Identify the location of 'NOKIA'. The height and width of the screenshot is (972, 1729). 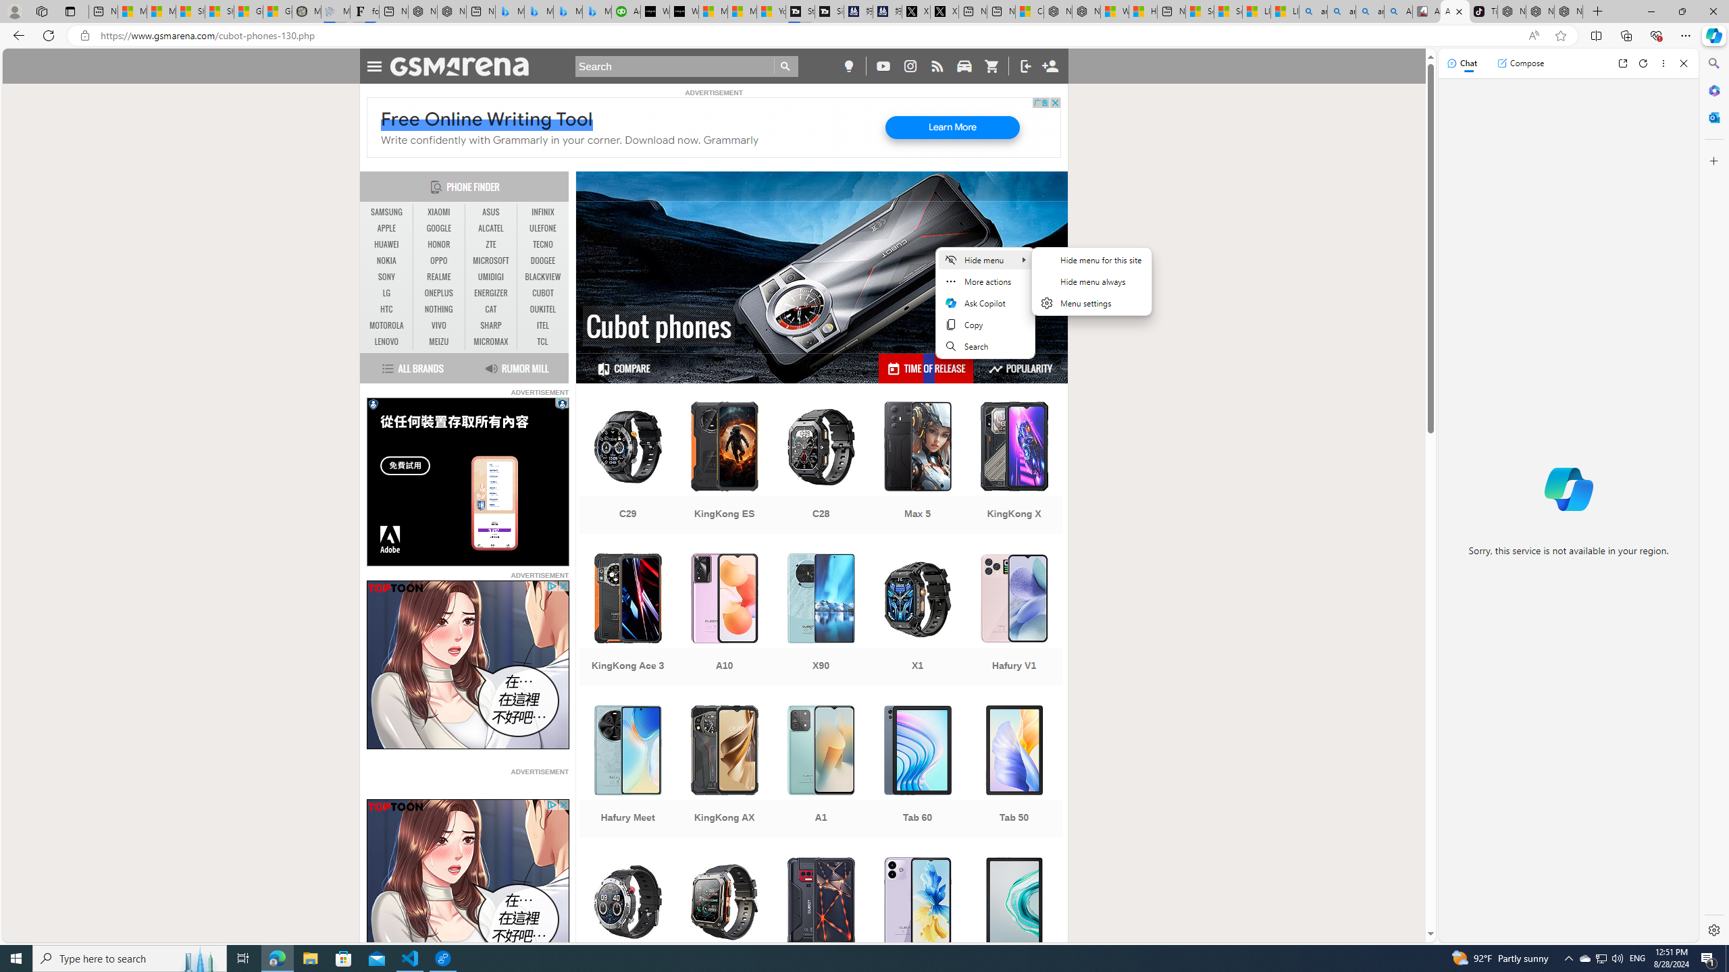
(386, 261).